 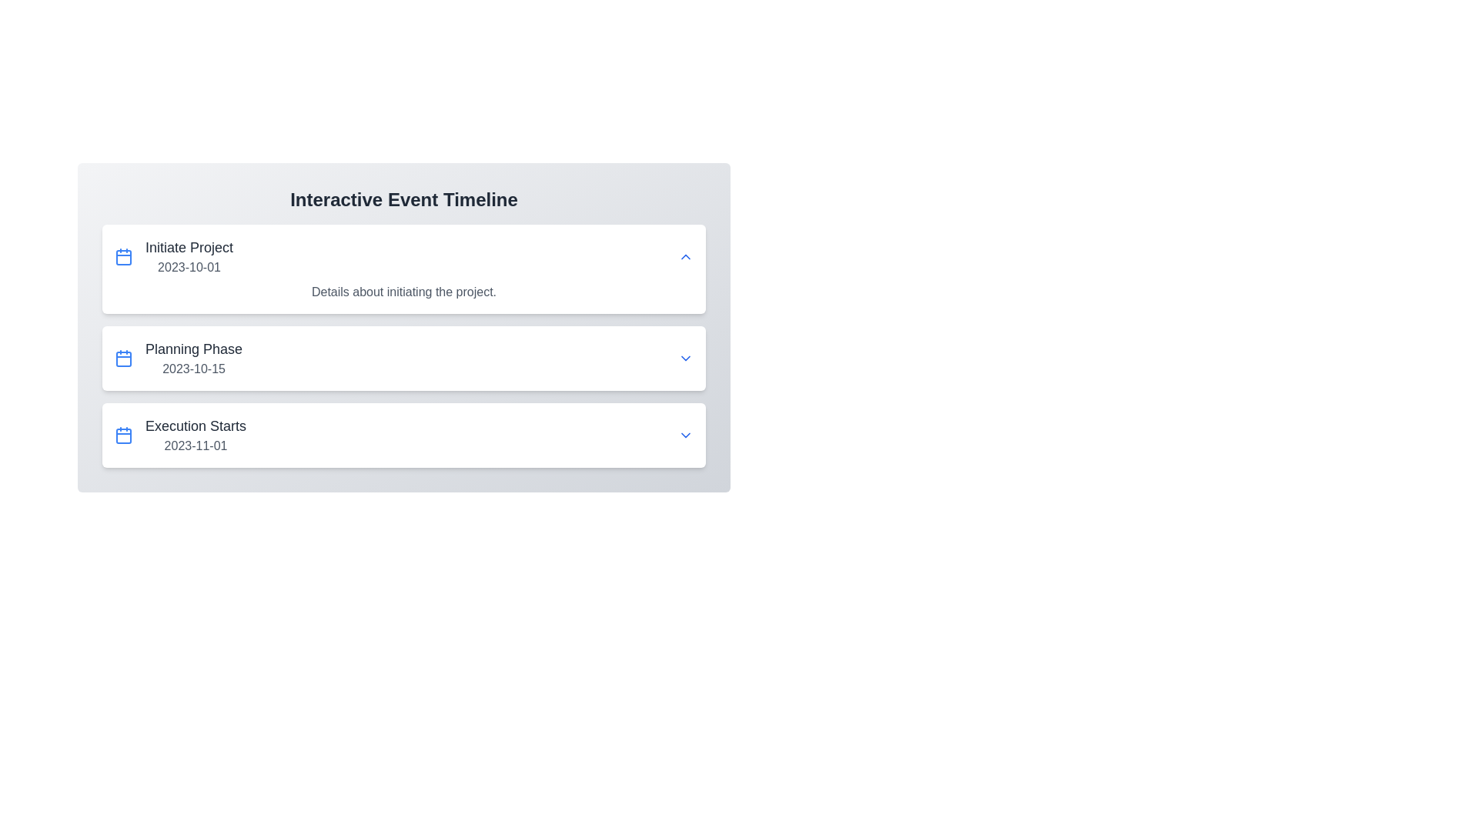 I want to click on the calendar icon located on the left side of the row displaying 'Execution Starts' and '2023-11-01', which serves as a visual indicator for the associated date, so click(x=124, y=436).